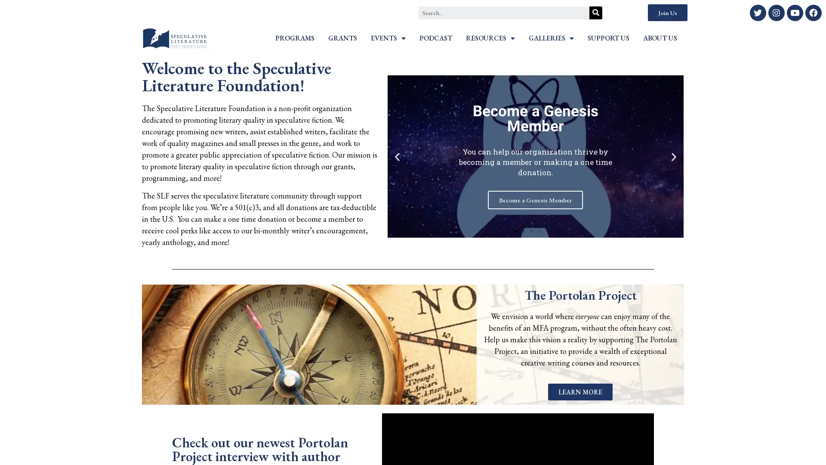 Image resolution: width=826 pixels, height=465 pixels. What do you see at coordinates (516, 230) in the screenshot?
I see `Go to slide 1` at bounding box center [516, 230].